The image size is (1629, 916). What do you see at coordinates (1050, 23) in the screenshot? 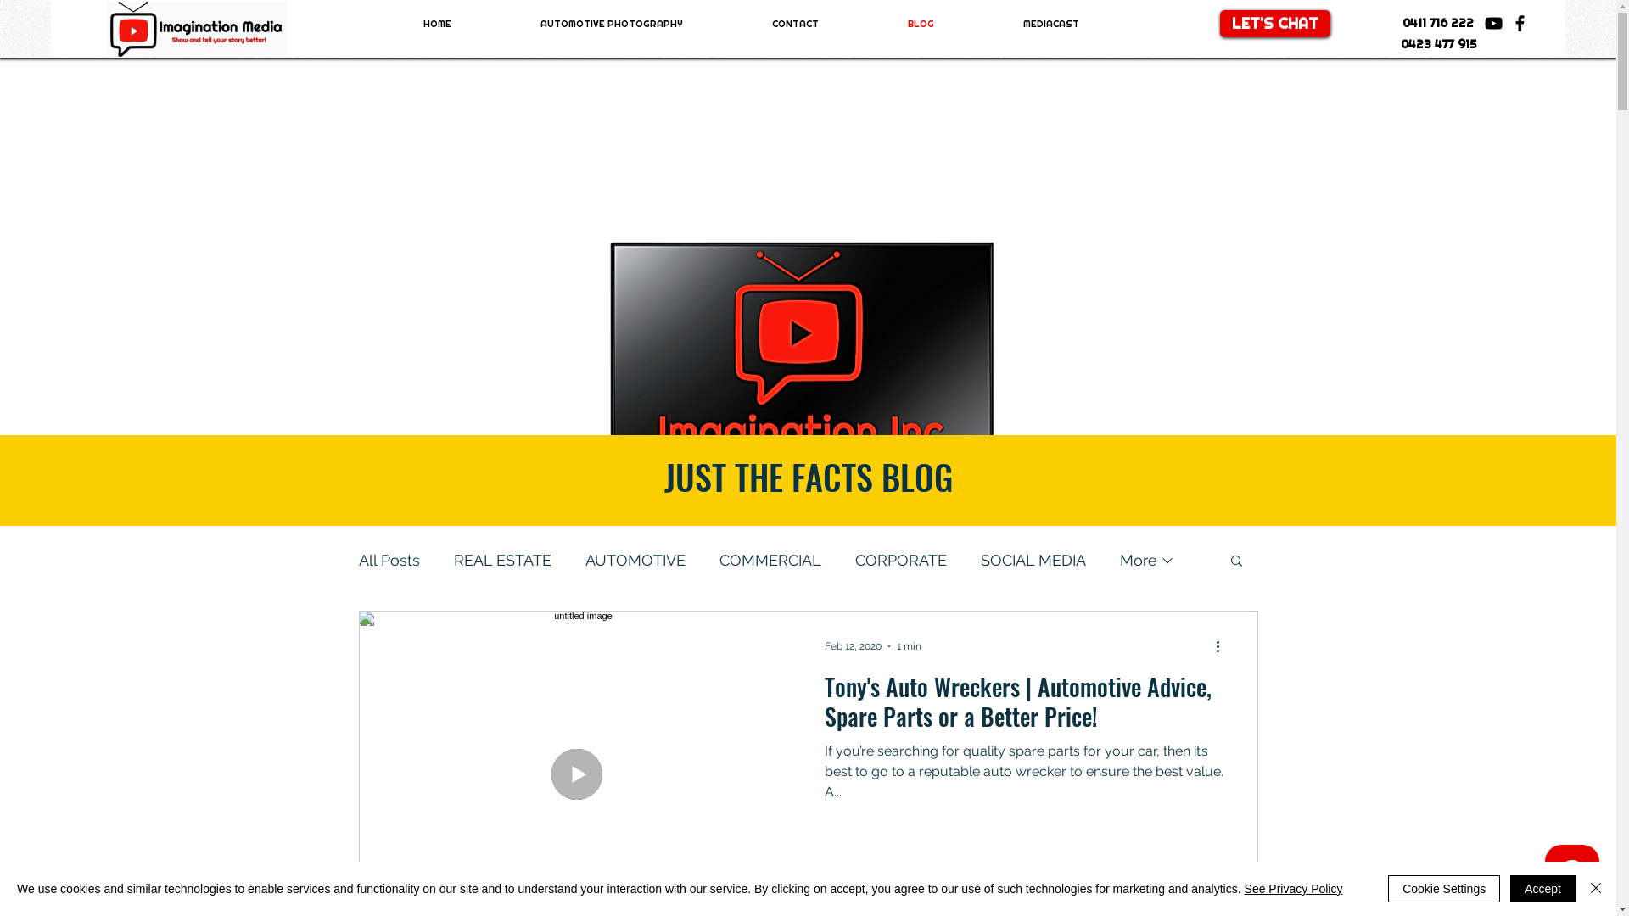
I see `'MEDIACAST'` at bounding box center [1050, 23].